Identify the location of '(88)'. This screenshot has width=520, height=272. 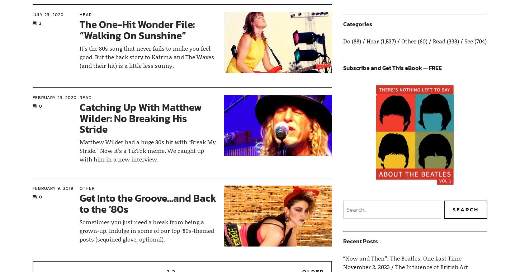
(356, 41).